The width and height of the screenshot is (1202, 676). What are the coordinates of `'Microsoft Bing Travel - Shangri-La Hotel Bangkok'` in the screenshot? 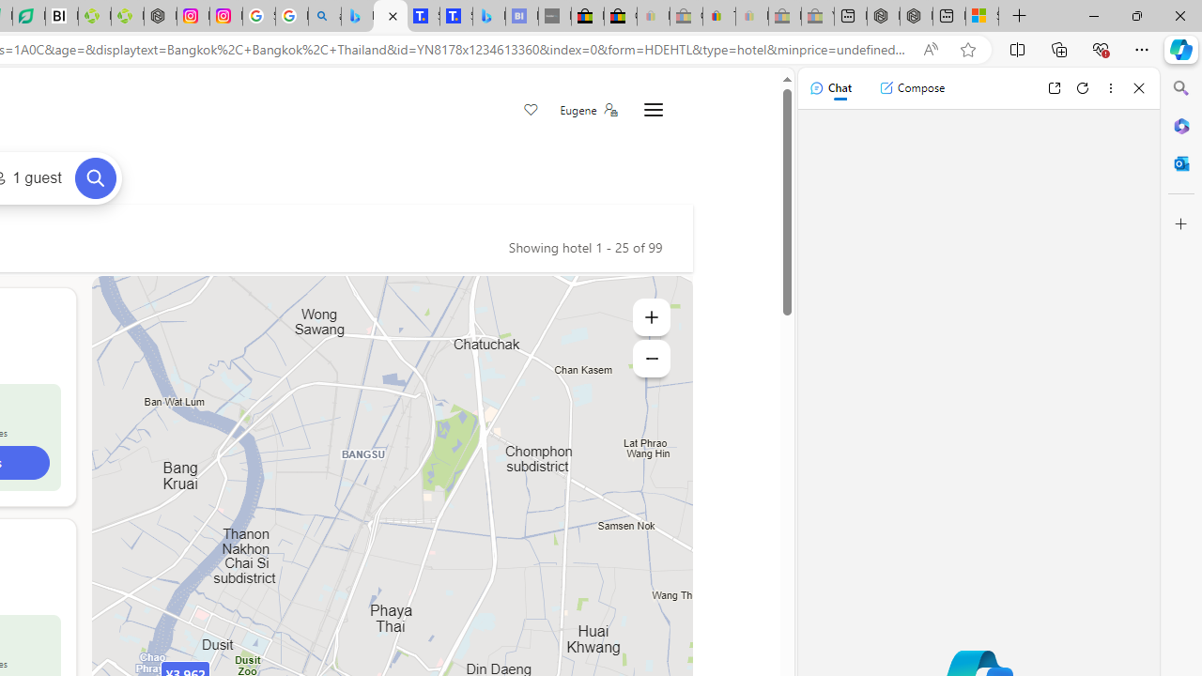 It's located at (488, 16).